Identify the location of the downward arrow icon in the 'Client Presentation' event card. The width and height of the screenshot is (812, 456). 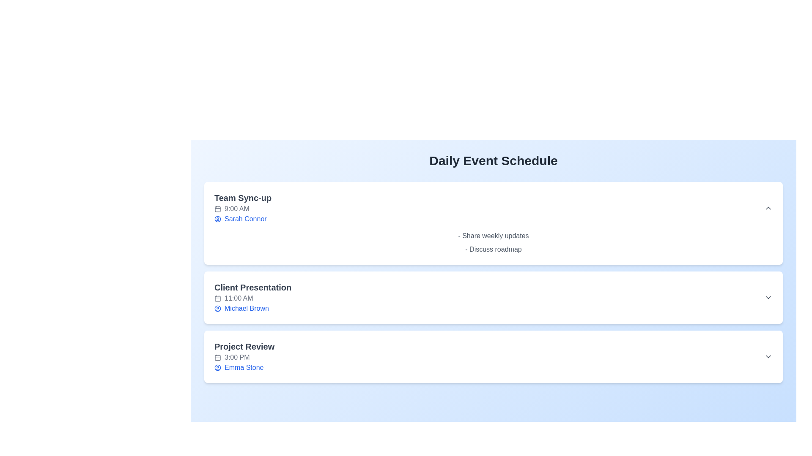
(768, 297).